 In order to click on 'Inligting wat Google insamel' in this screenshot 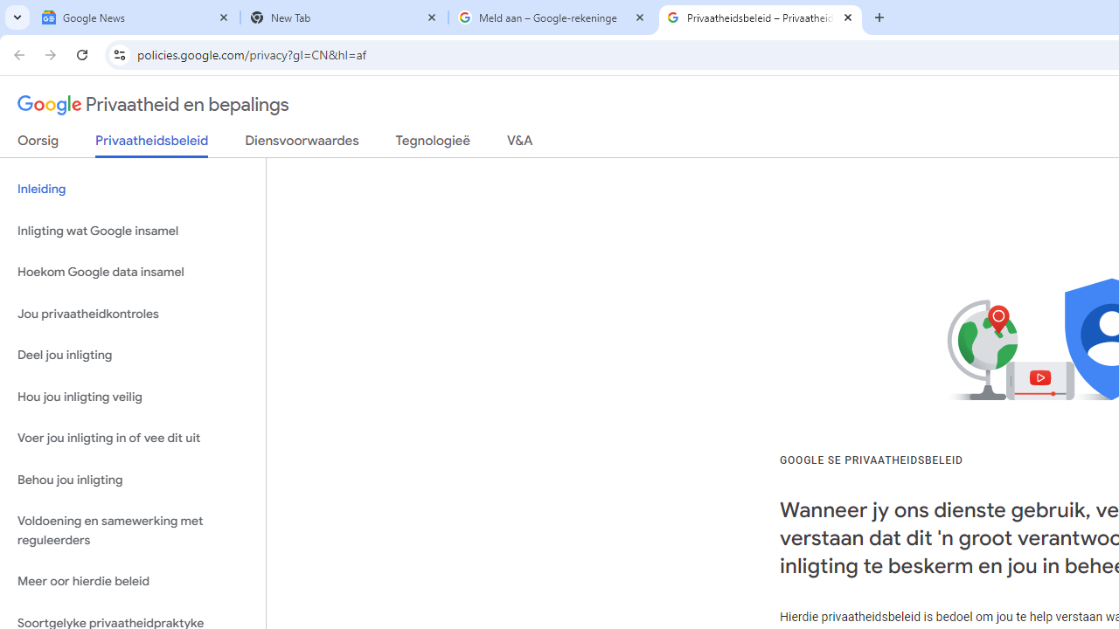, I will do `click(132, 230)`.